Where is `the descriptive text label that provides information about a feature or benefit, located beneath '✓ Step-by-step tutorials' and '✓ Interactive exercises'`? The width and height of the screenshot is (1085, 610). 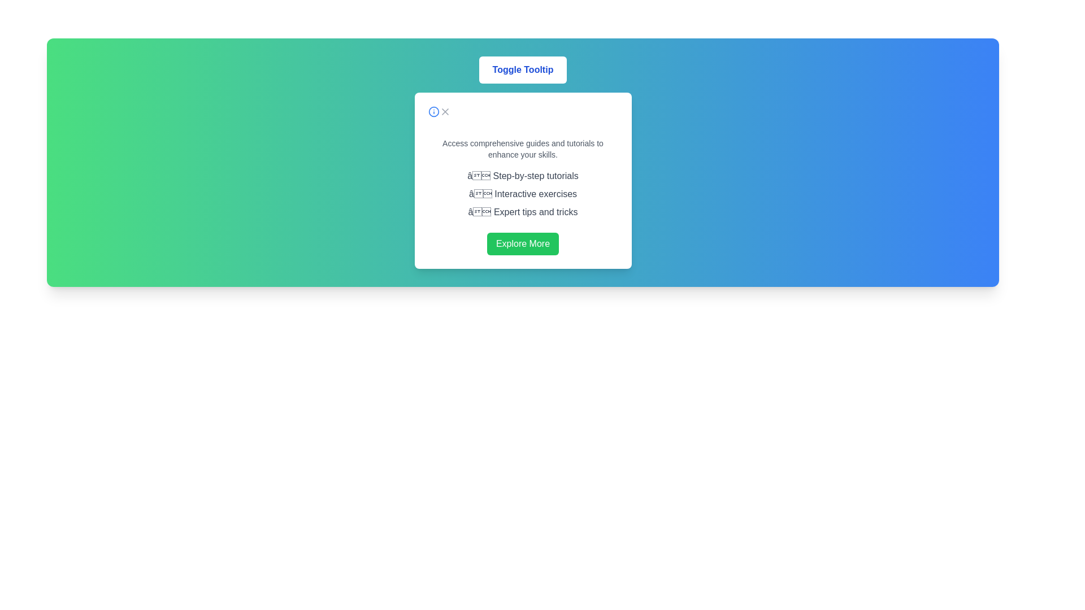
the descriptive text label that provides information about a feature or benefit, located beneath '✓ Step-by-step tutorials' and '✓ Interactive exercises' is located at coordinates (522, 212).